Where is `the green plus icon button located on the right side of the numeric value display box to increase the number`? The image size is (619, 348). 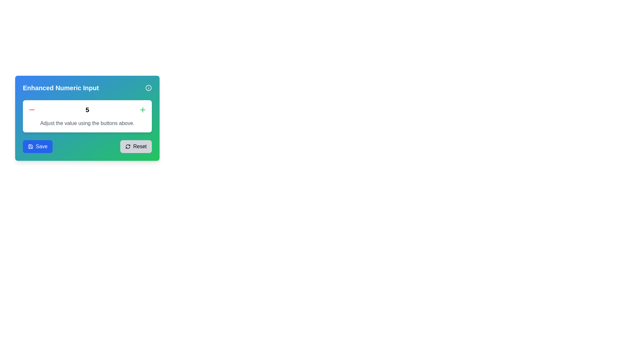 the green plus icon button located on the right side of the numeric value display box to increase the number is located at coordinates (142, 109).